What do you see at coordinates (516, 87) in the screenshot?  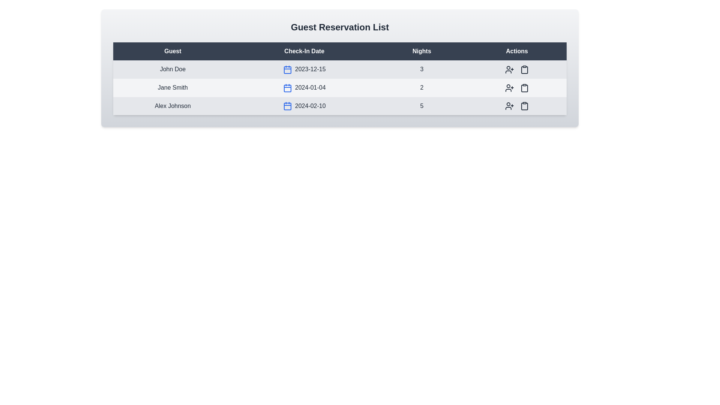 I see `the grouped icons within the actions column for the reservation entry associated with 'Jane Smith'` at bounding box center [516, 87].